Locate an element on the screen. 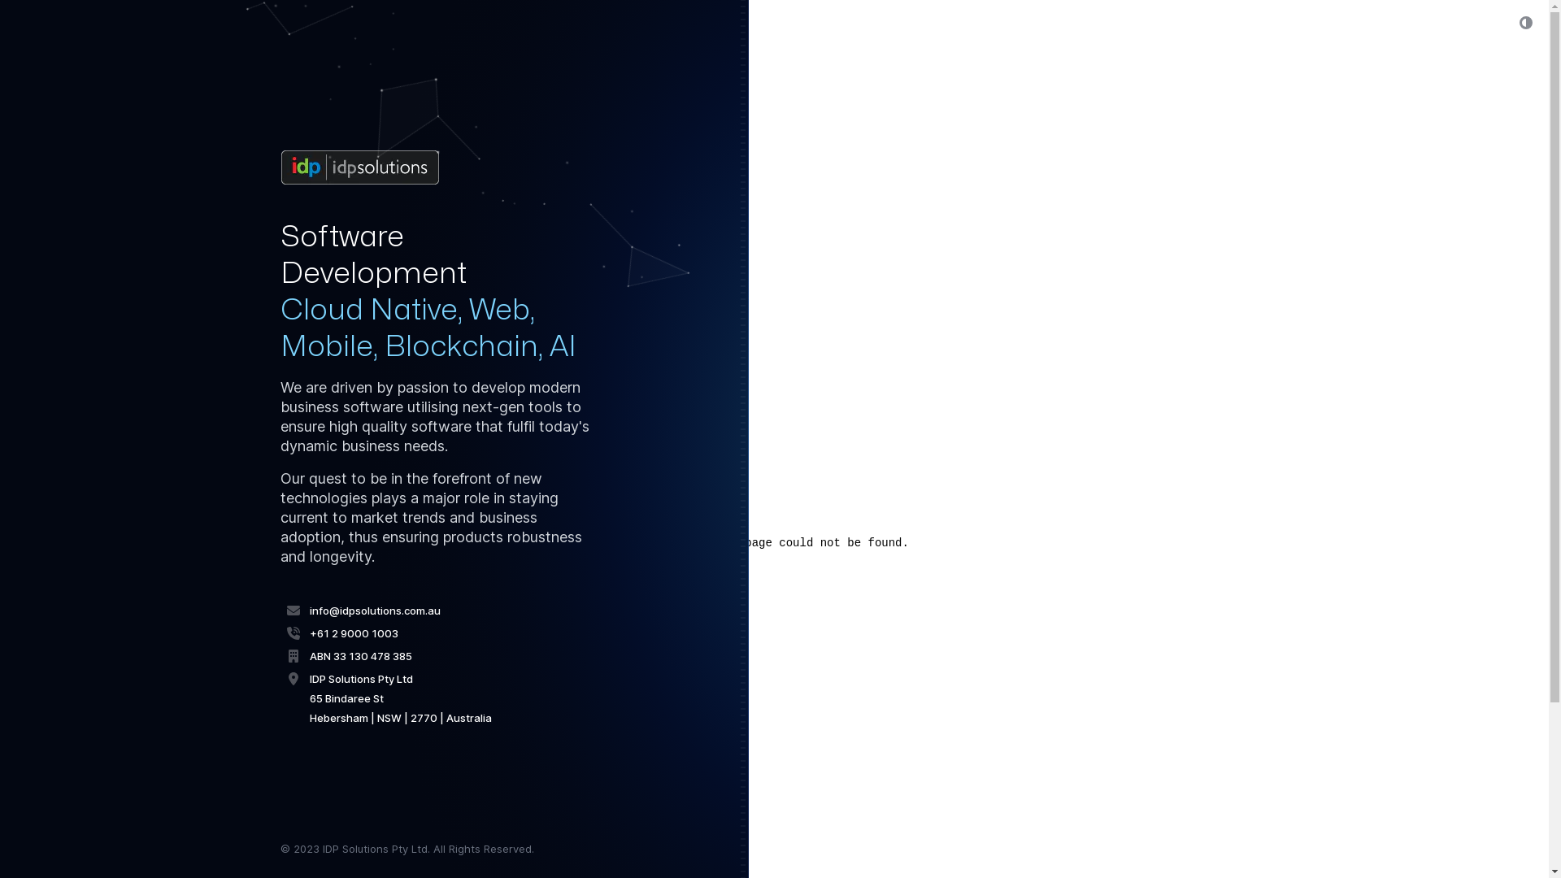  'Switch to dark theme' is located at coordinates (1507, 22).